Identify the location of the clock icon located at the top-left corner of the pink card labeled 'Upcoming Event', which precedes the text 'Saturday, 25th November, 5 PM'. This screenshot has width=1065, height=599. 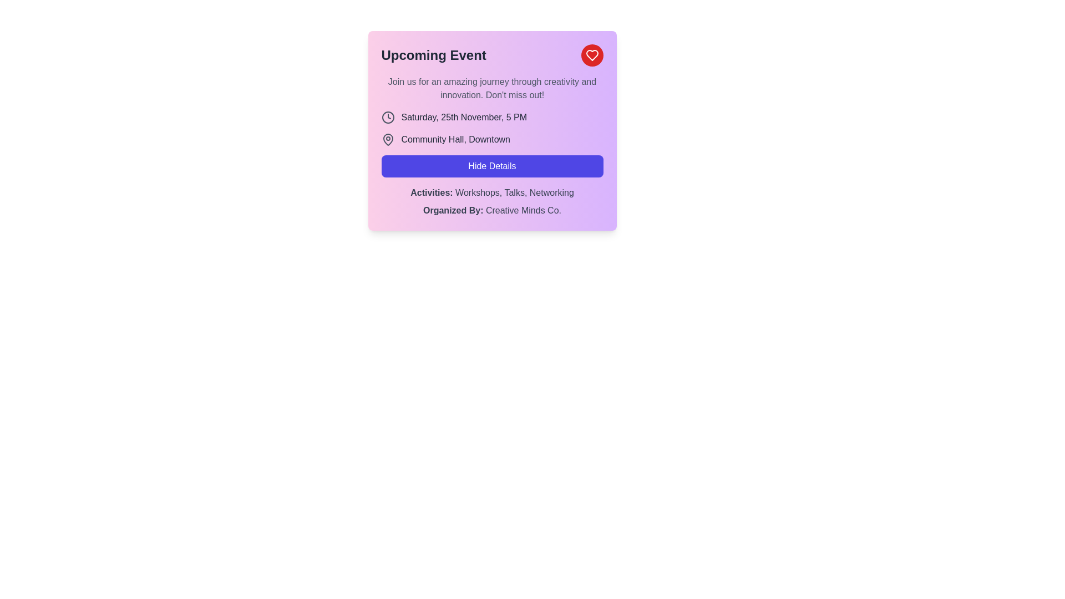
(388, 118).